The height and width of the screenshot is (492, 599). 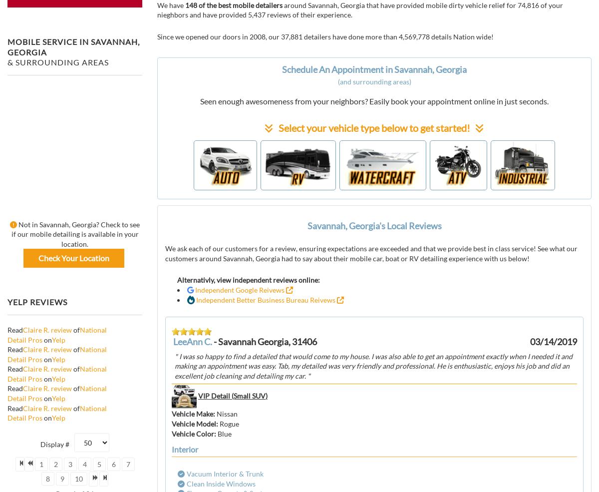 I want to click on 'Schedule An Appointment in Savannah, Georgia', so click(x=374, y=69).